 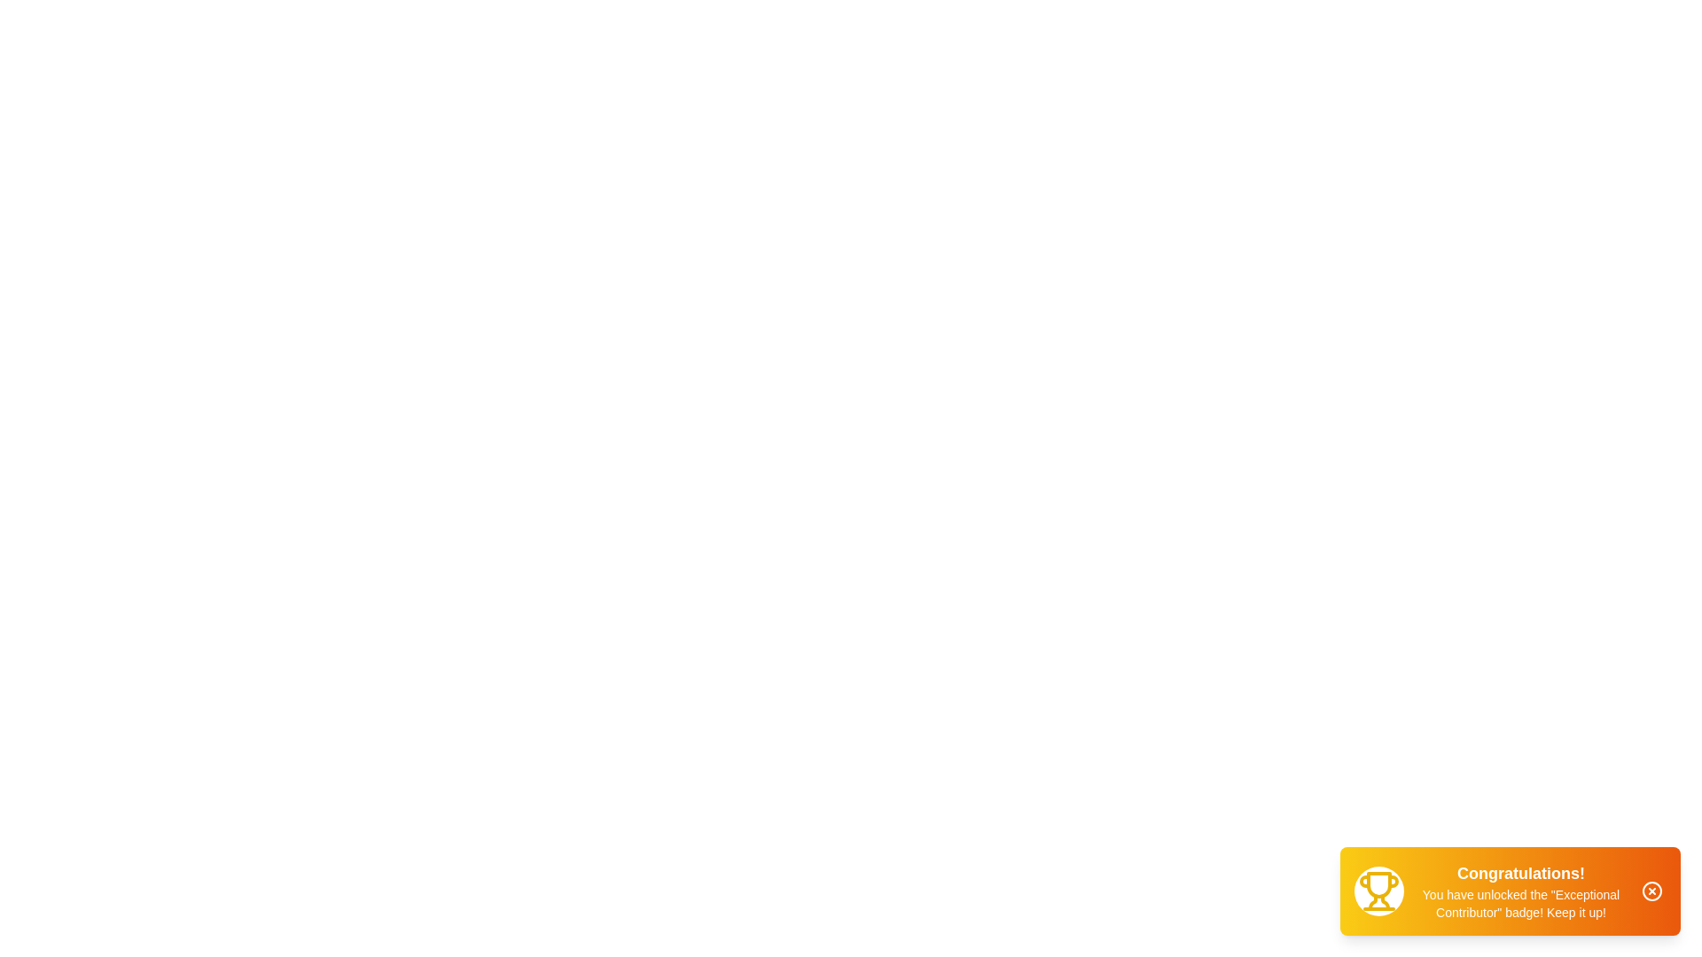 I want to click on the close button of the snackbar to dismiss it, so click(x=1651, y=891).